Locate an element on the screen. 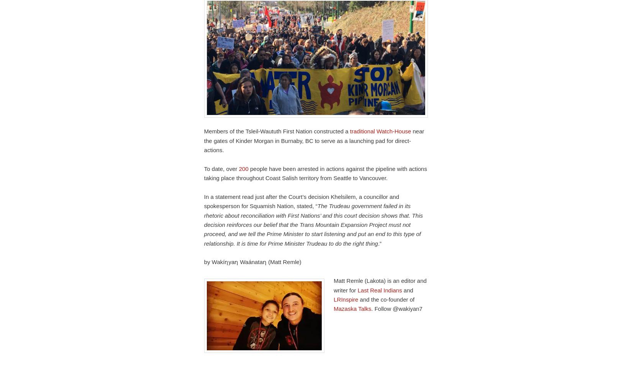 This screenshot has height=366, width=632. '200' is located at coordinates (243, 168).